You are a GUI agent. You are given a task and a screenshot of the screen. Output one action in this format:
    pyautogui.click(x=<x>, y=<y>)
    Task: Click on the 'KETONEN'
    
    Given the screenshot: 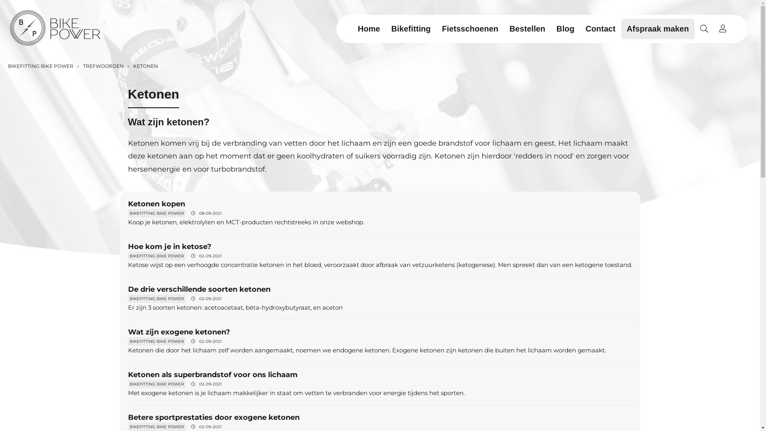 What is the action you would take?
    pyautogui.click(x=145, y=65)
    